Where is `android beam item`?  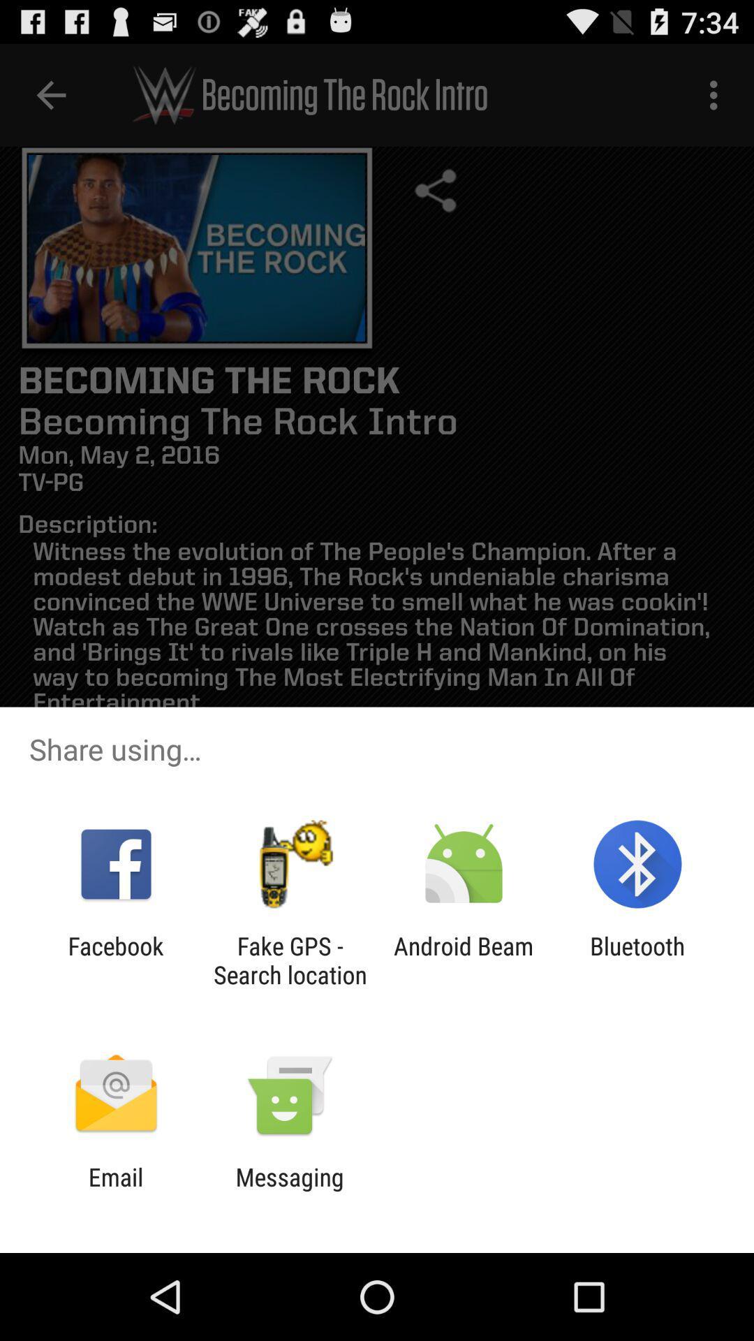
android beam item is located at coordinates (464, 960).